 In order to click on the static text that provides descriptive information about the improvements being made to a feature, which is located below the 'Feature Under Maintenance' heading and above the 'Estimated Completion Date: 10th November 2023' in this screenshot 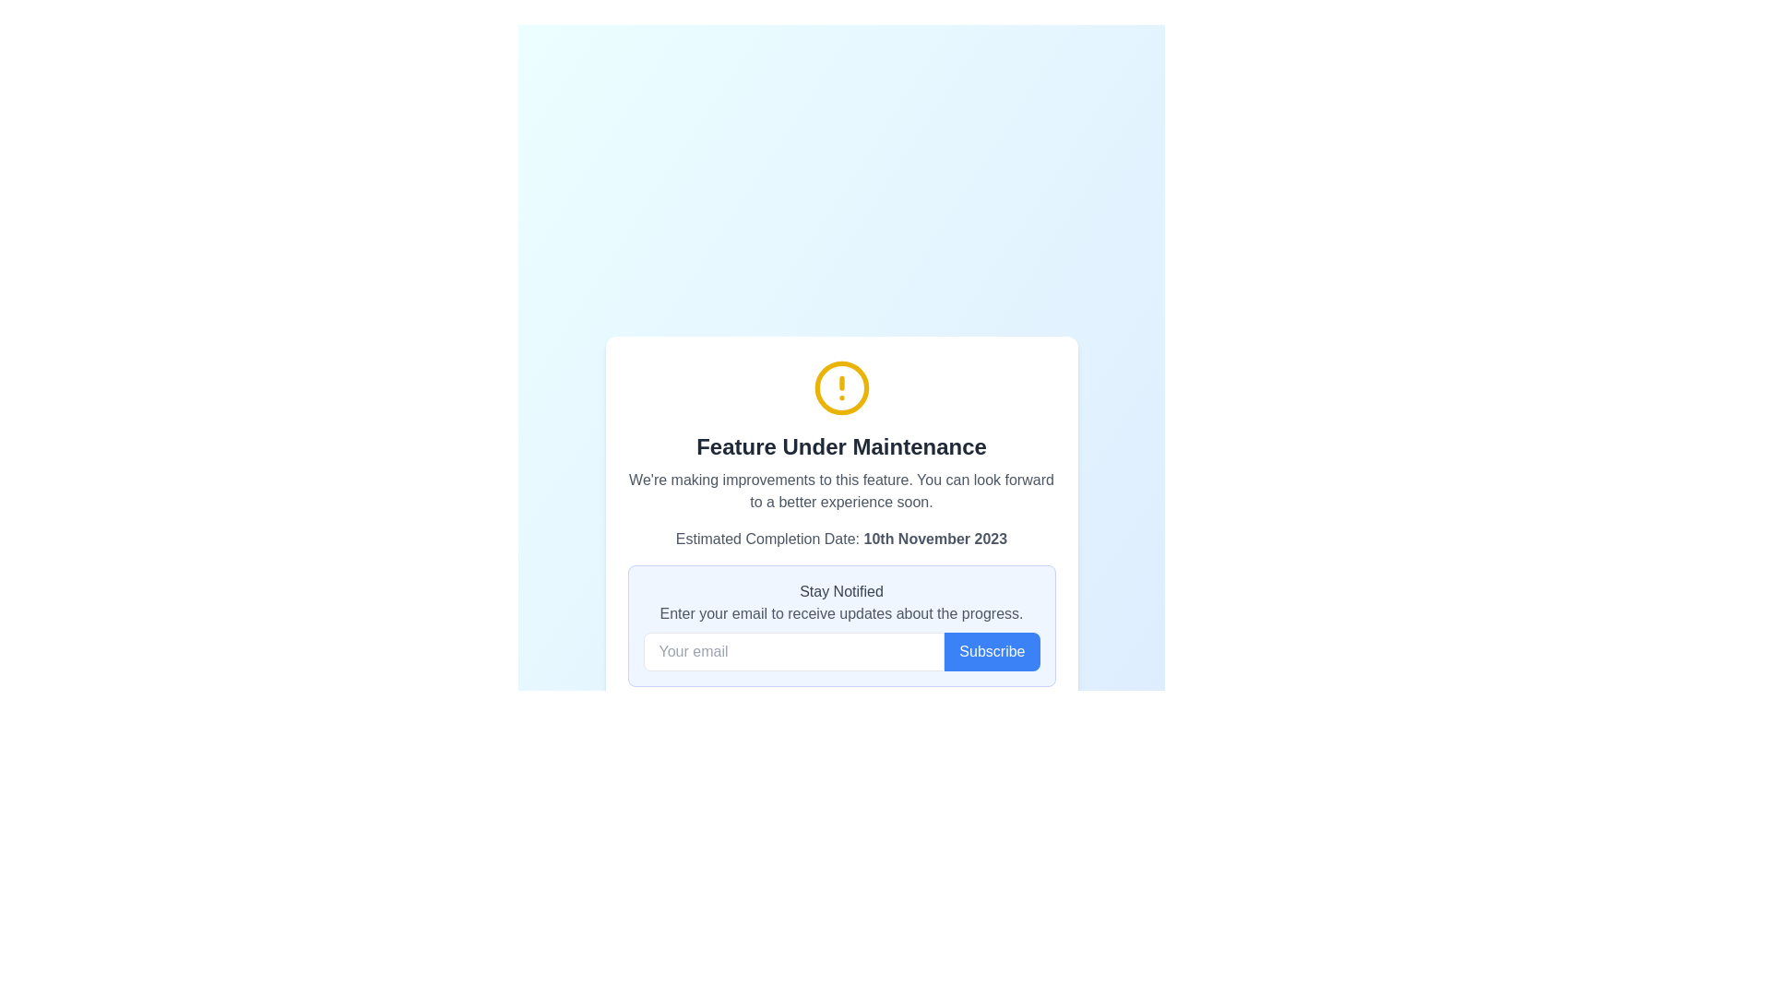, I will do `click(840, 490)`.